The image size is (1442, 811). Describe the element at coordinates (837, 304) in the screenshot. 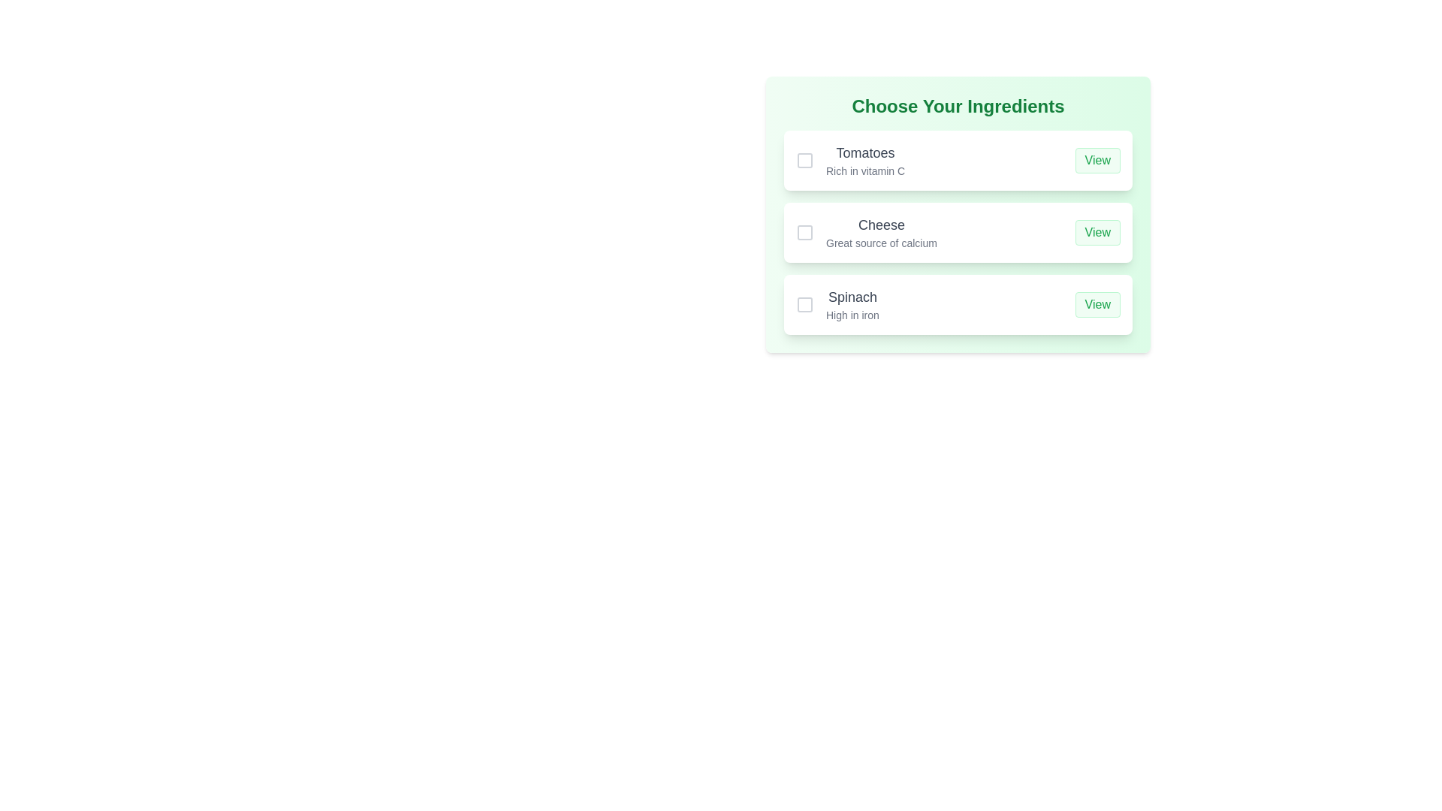

I see `the 'Spinach' label, which displays 'Spinach' in a bold font and 'High in iron' in a smaller, gray font below it, located under the 'Choose Your Ingredients' section` at that location.